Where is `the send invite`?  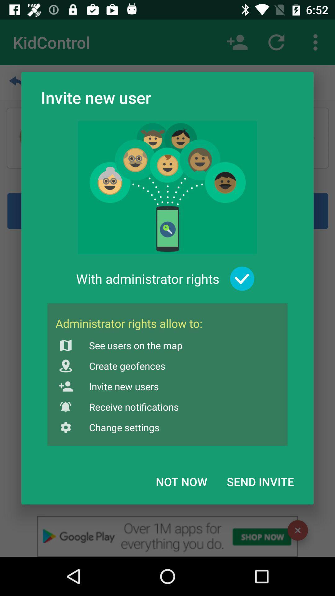
the send invite is located at coordinates (260, 481).